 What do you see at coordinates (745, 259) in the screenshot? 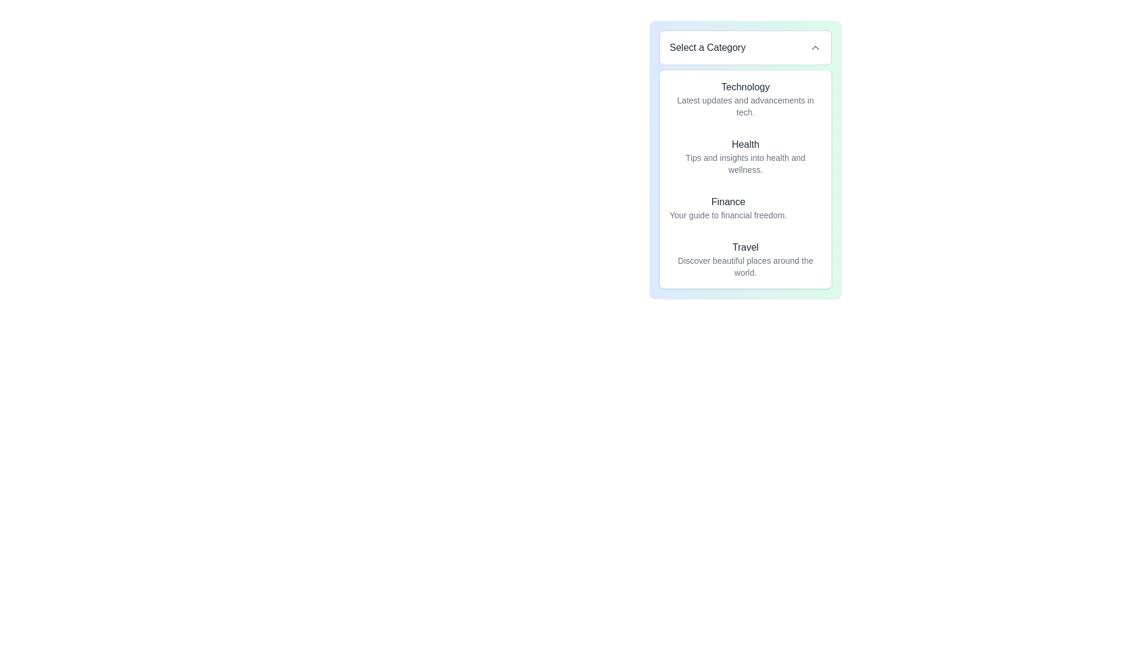
I see `the last list item with the bold title 'Travel' and the description 'Discover beautiful places around the world.'` at bounding box center [745, 259].